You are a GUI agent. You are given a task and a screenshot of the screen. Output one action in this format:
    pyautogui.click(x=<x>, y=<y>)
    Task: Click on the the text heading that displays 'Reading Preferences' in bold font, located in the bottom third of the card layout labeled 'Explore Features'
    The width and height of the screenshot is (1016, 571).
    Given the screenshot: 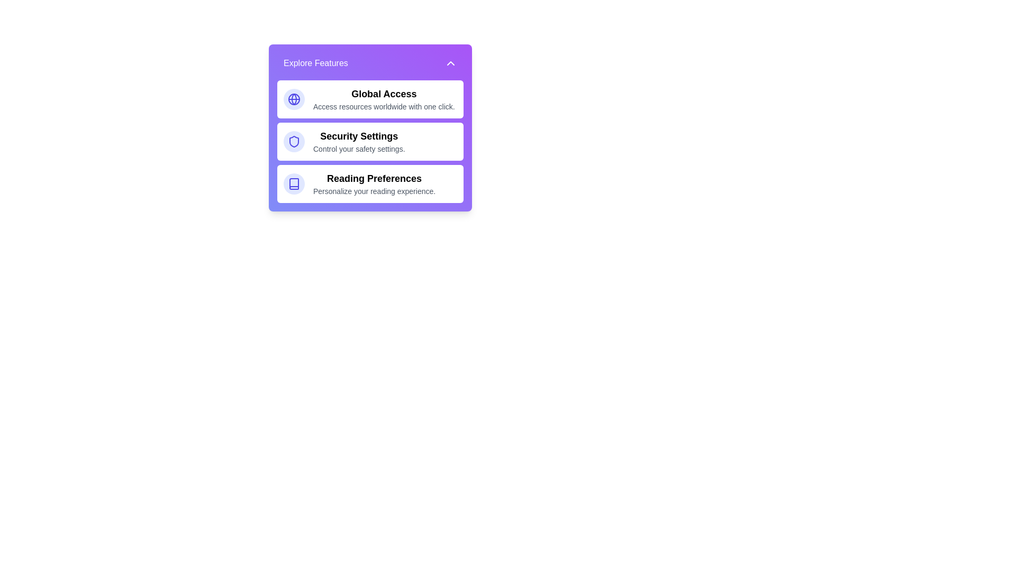 What is the action you would take?
    pyautogui.click(x=374, y=178)
    